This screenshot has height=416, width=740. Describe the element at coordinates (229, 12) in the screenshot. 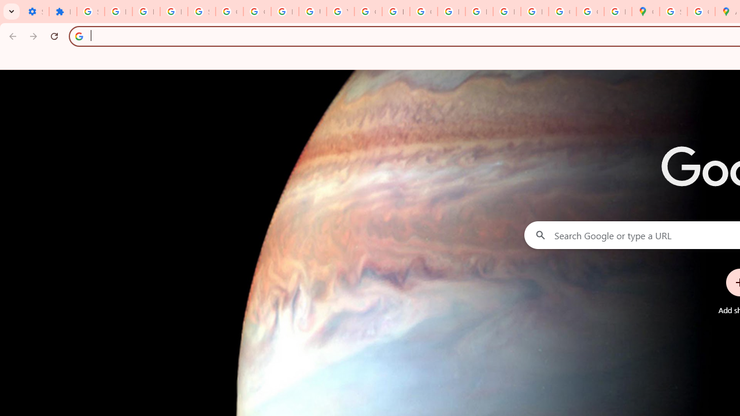

I see `'Google Account Help'` at that location.